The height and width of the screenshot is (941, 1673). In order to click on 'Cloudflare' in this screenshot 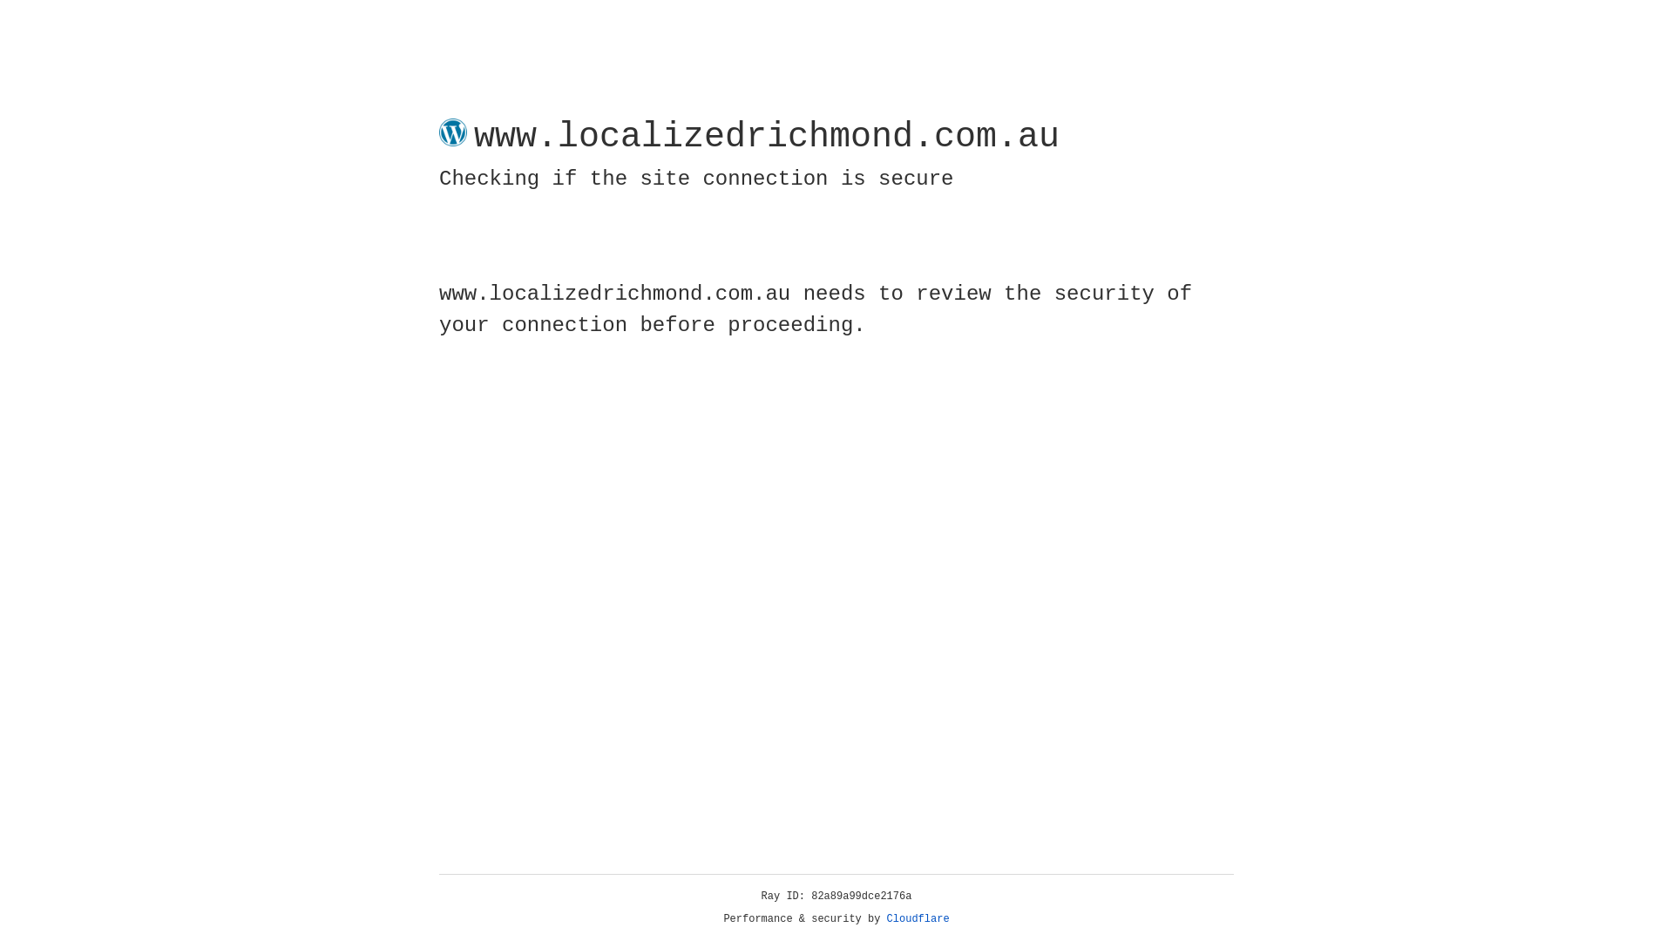, I will do `click(918, 918)`.